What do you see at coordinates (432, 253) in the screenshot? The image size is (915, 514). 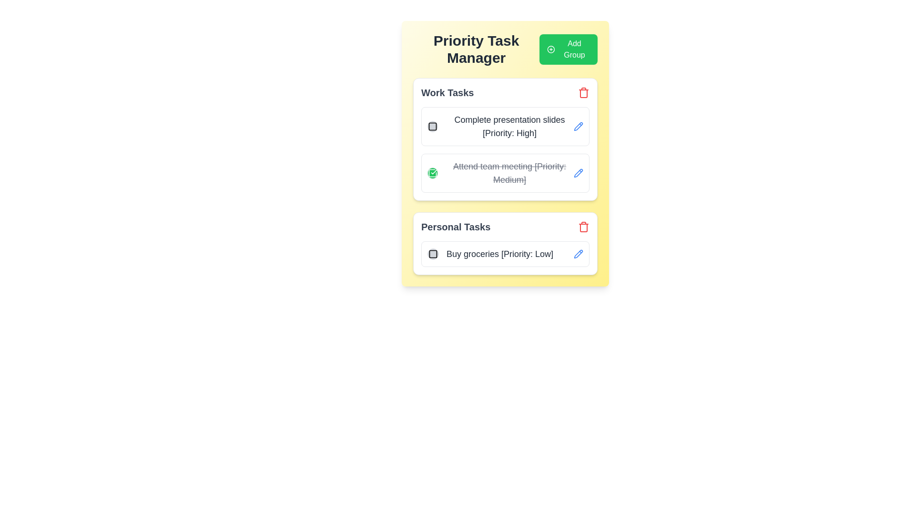 I see `the checkbox next to the text 'Buy groceries [Priority: Low]'` at bounding box center [432, 253].